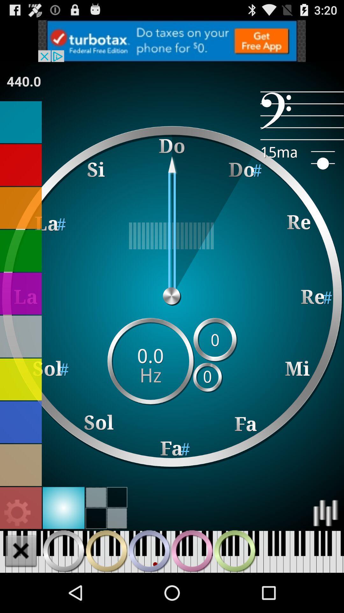 This screenshot has width=344, height=613. I want to click on app next to 440.0 app, so click(302, 116).